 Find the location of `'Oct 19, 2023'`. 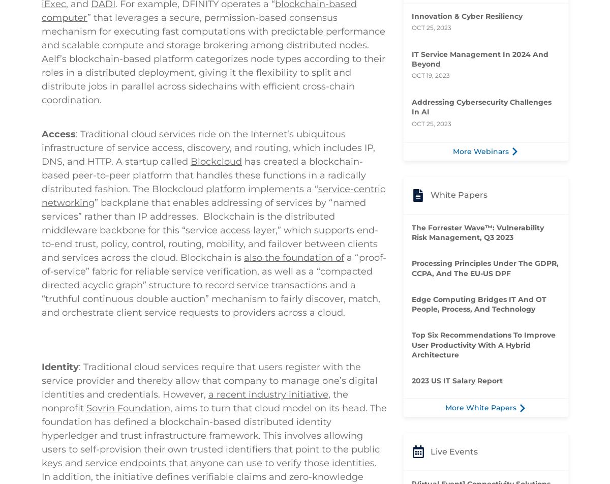

'Oct 19, 2023' is located at coordinates (430, 75).